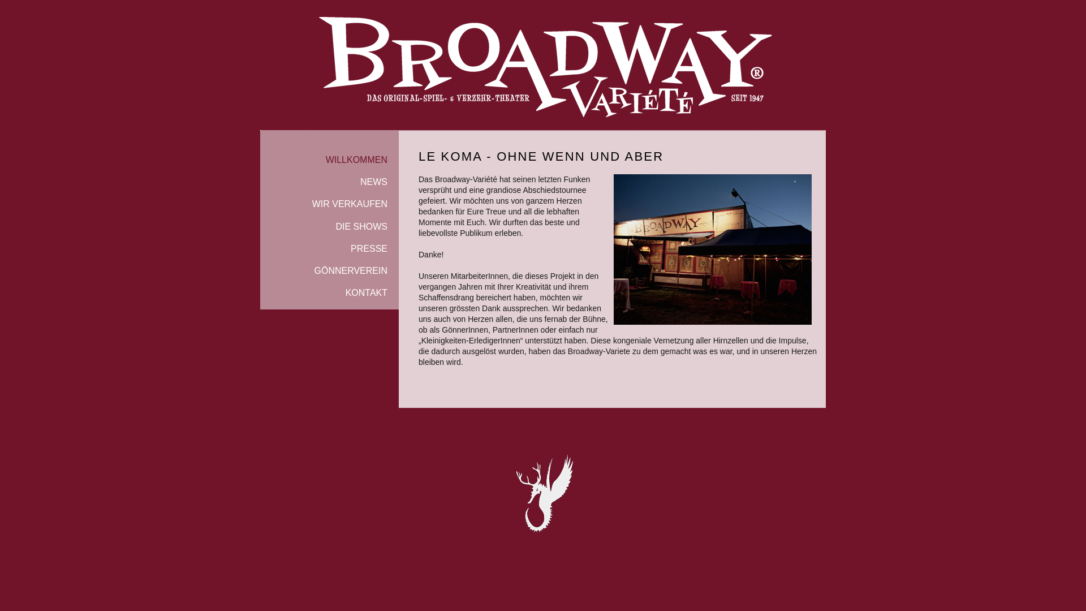 The height and width of the screenshot is (611, 1086). Describe the element at coordinates (323, 178) in the screenshot. I see `'NEWS'` at that location.